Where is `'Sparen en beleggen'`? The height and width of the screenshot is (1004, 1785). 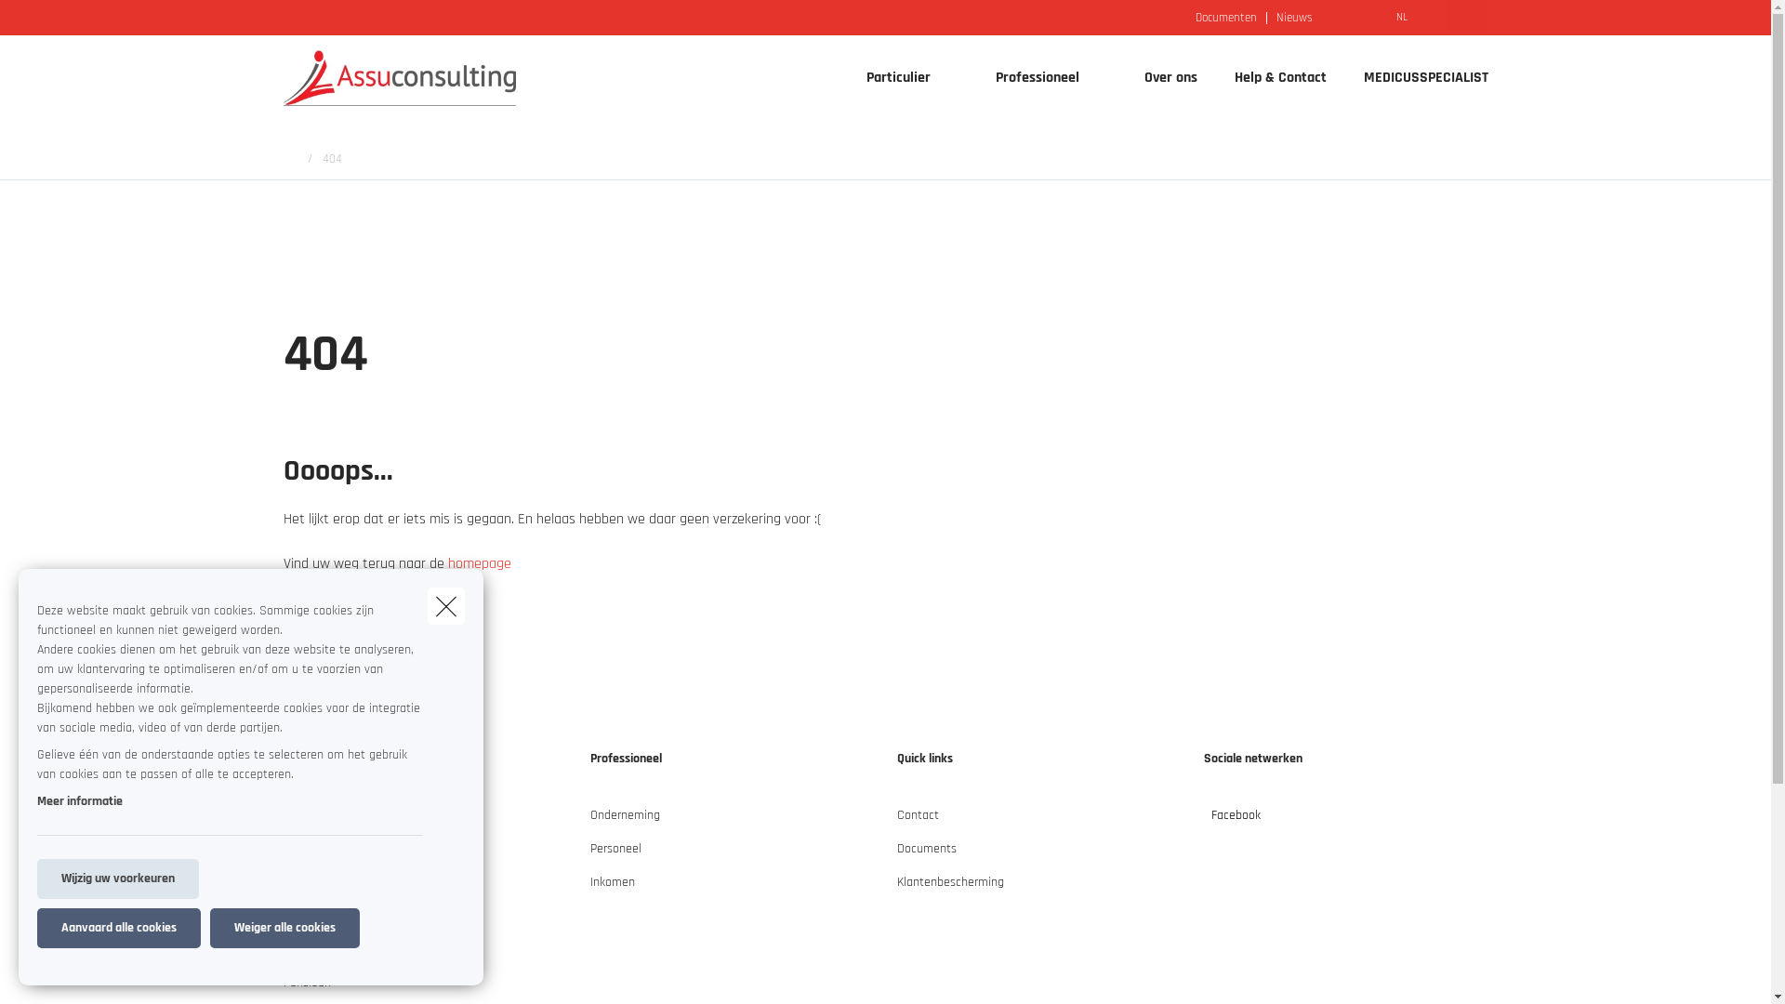
'Sparen en beleggen' is located at coordinates (281, 957).